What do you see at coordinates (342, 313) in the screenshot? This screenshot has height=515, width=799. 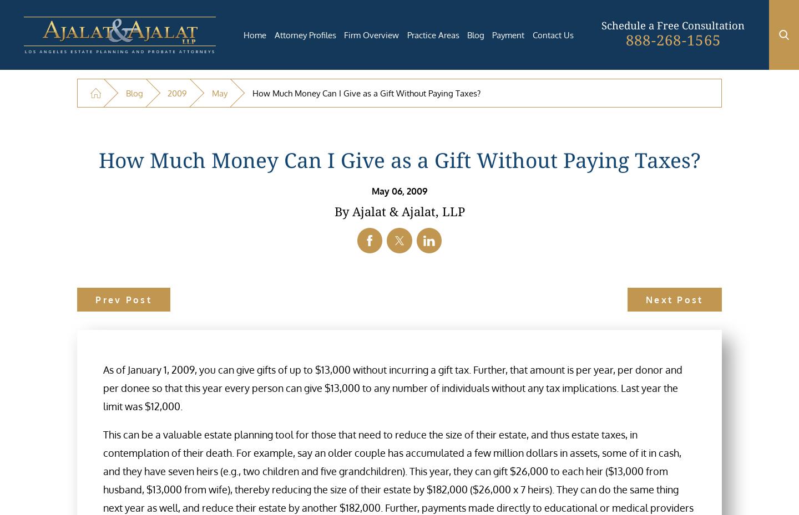 I see `'330 N. Brand Blvd.'` at bounding box center [342, 313].